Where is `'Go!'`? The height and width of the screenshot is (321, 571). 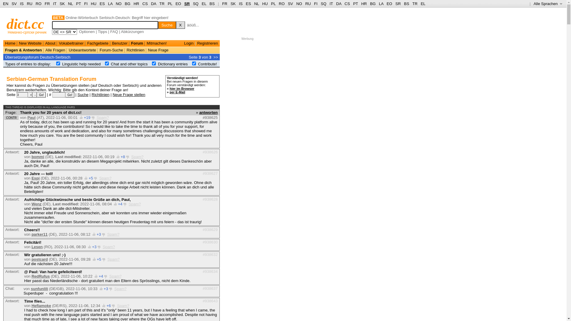 'Go!' is located at coordinates (65, 95).